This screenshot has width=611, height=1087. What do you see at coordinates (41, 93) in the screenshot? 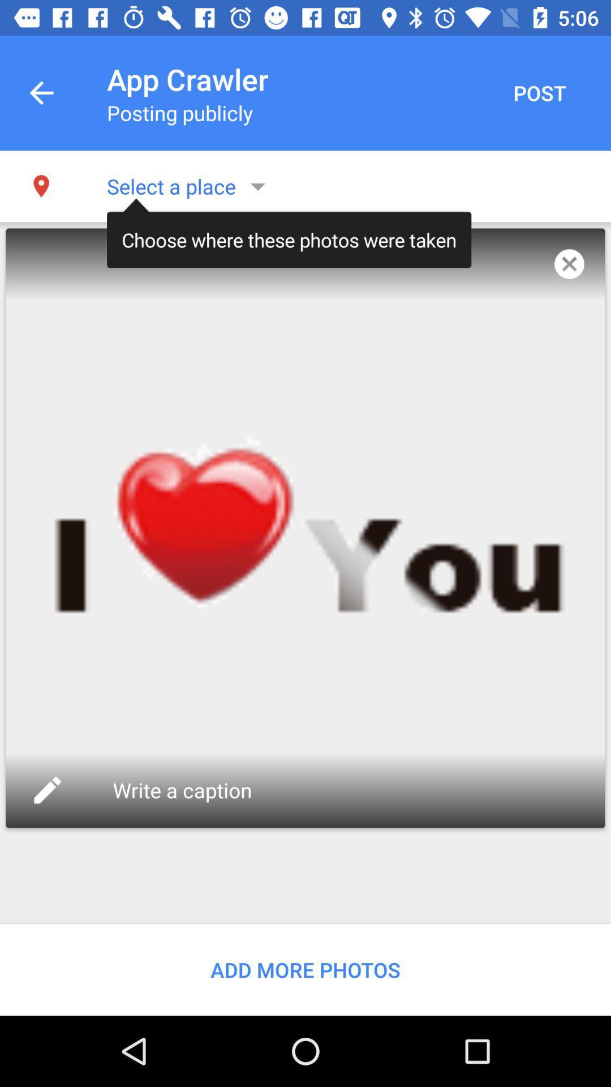
I see `the app to the left of the app crawler icon` at bounding box center [41, 93].